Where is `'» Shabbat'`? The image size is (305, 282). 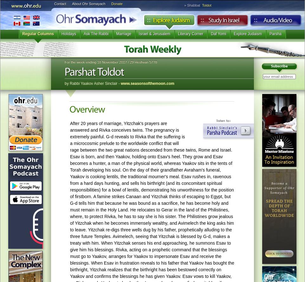
'» Shabbat' is located at coordinates (184, 5).